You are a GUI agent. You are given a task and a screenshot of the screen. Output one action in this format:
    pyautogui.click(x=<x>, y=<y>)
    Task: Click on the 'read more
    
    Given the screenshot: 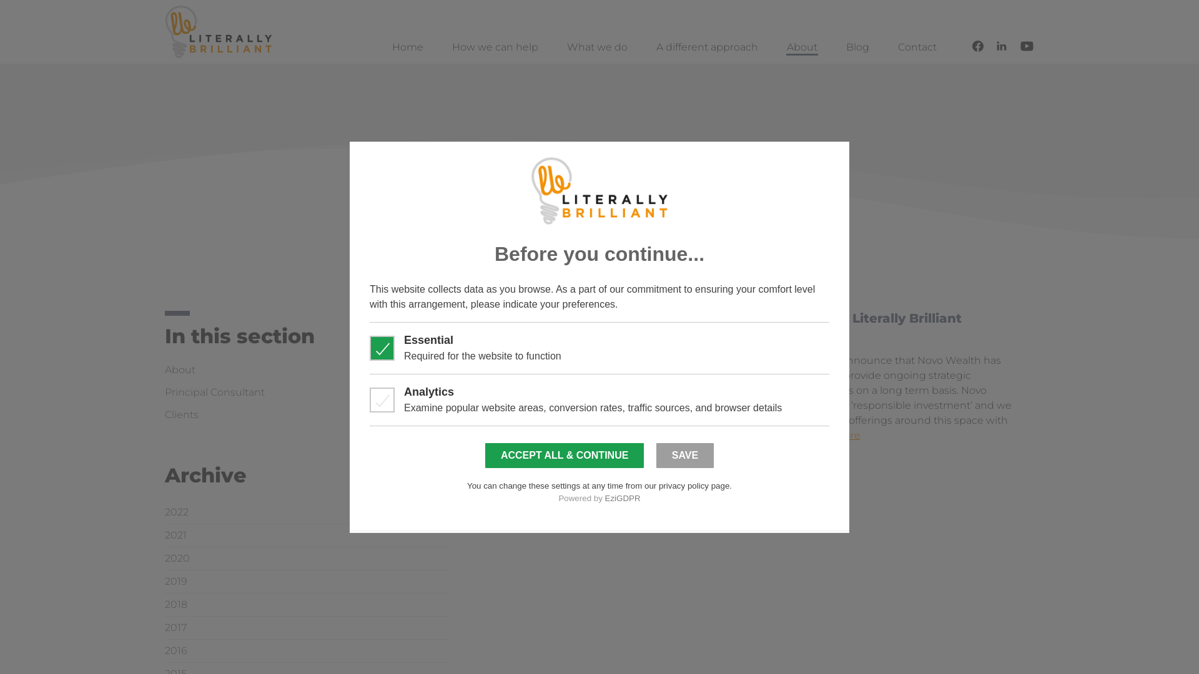 What is the action you would take?
    pyautogui.click(x=834, y=434)
    